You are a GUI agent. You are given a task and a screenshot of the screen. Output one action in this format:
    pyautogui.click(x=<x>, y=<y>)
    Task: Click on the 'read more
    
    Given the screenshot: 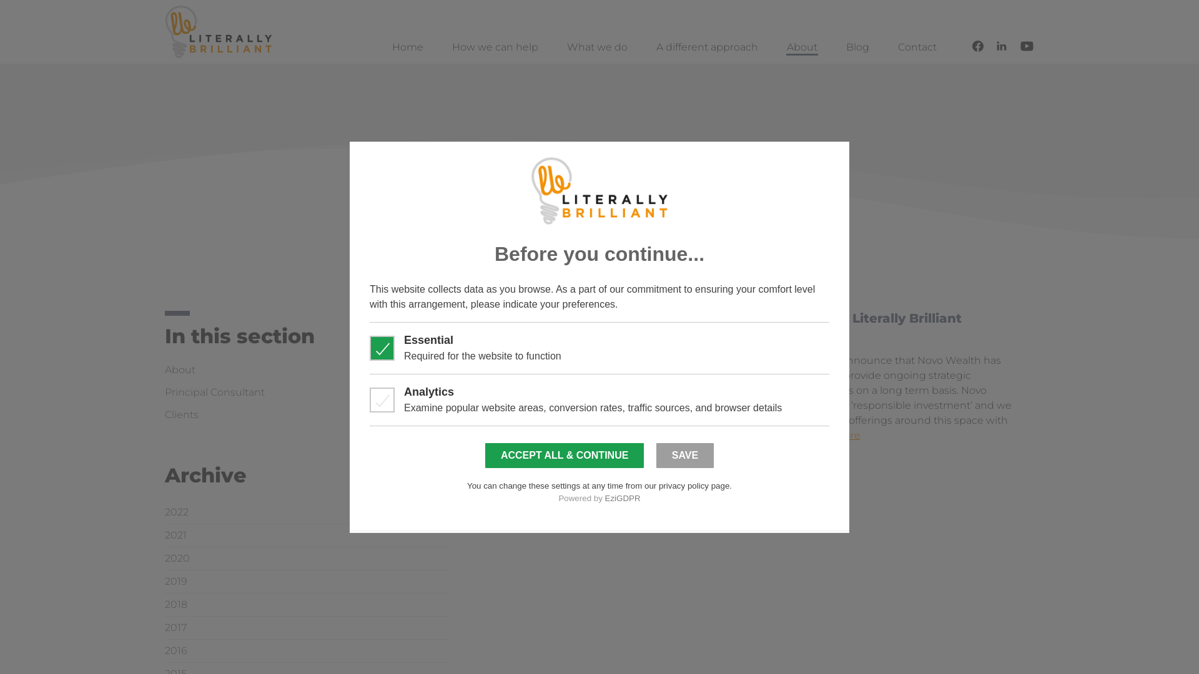 What is the action you would take?
    pyautogui.click(x=834, y=434)
    